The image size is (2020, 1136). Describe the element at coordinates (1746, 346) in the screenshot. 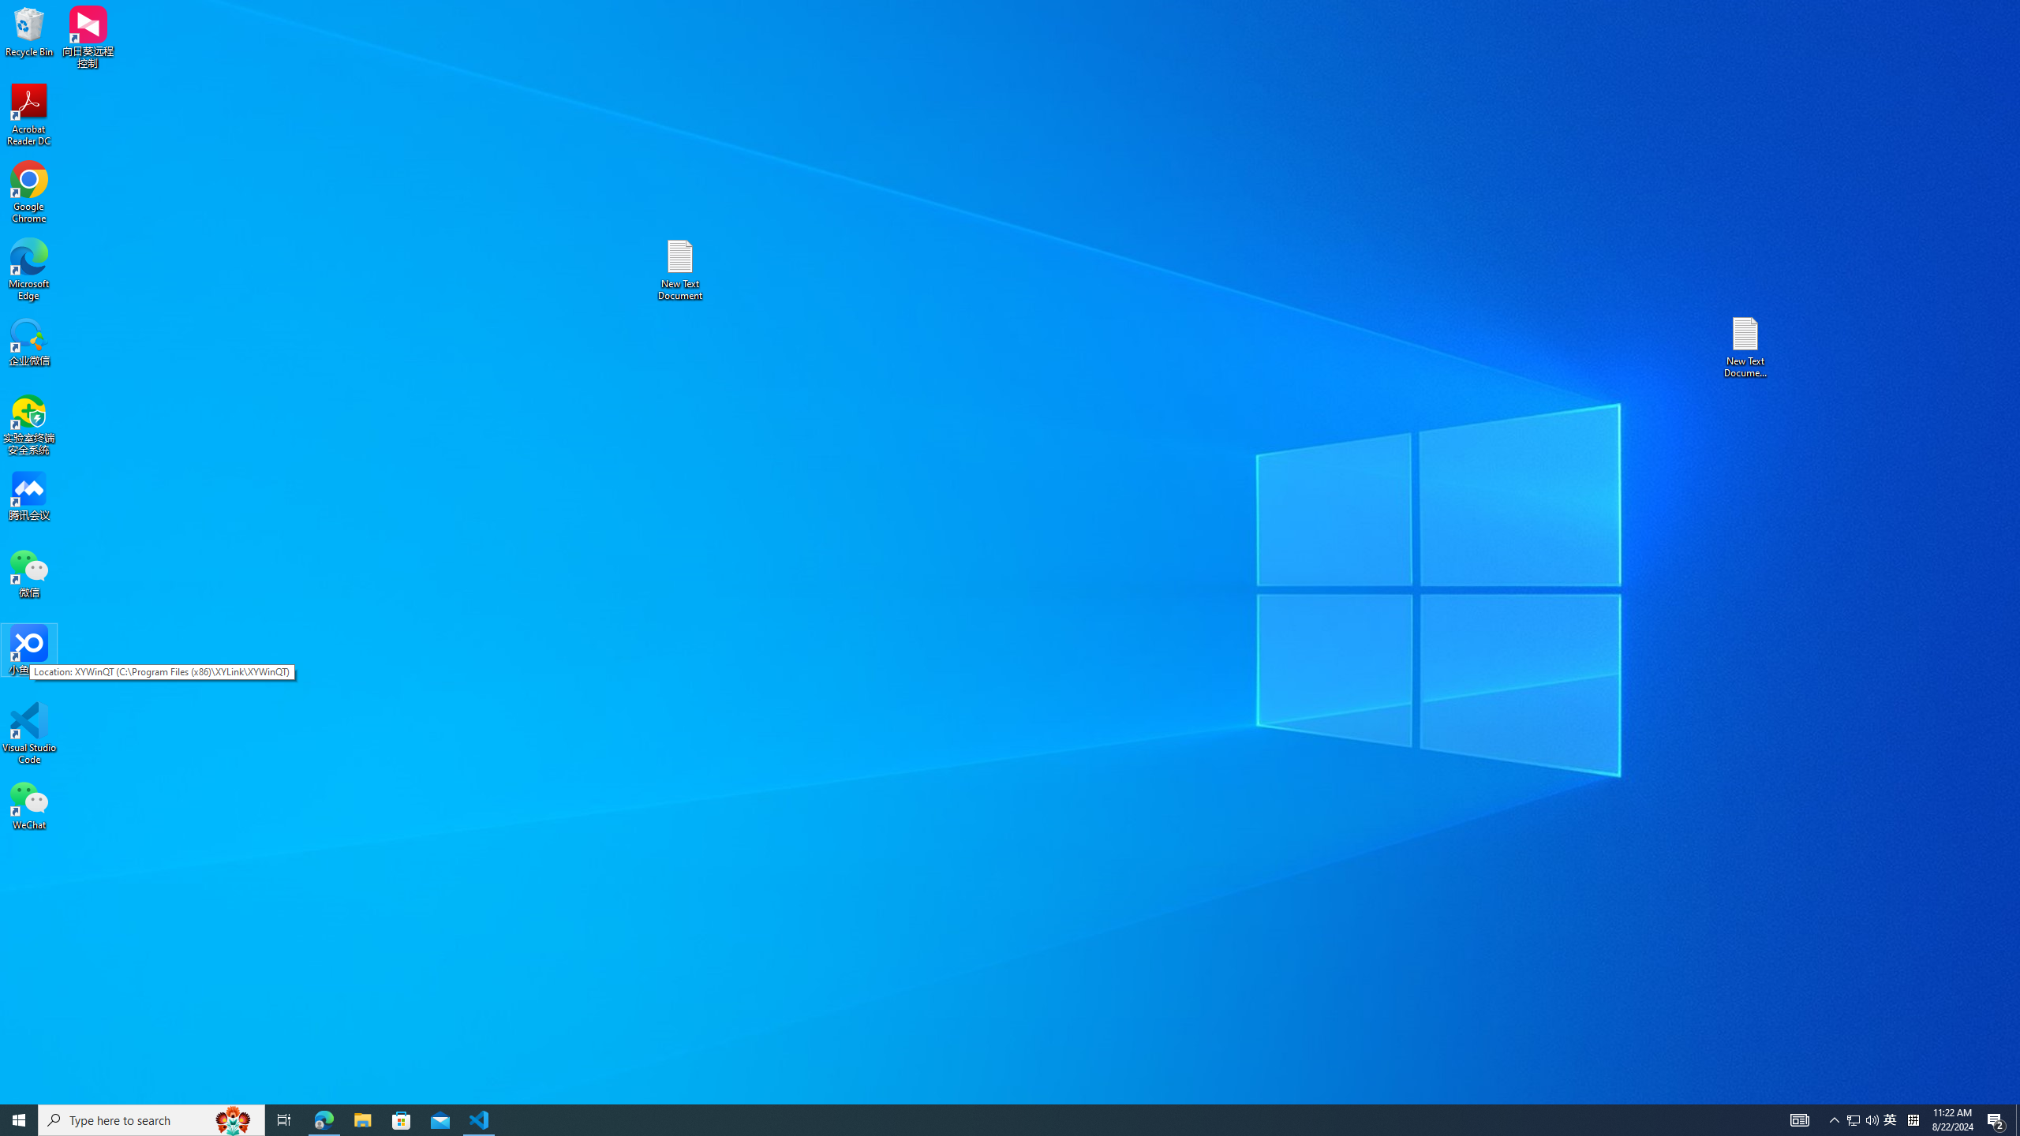

I see `'New Text Document (2)'` at that location.